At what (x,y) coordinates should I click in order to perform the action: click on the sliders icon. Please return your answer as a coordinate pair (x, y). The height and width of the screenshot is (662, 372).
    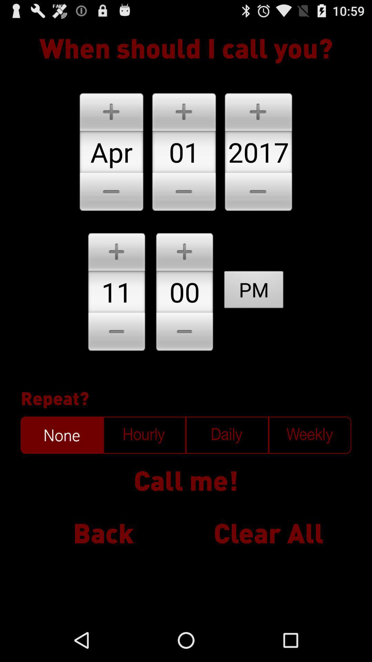
    Looking at the image, I should click on (227, 465).